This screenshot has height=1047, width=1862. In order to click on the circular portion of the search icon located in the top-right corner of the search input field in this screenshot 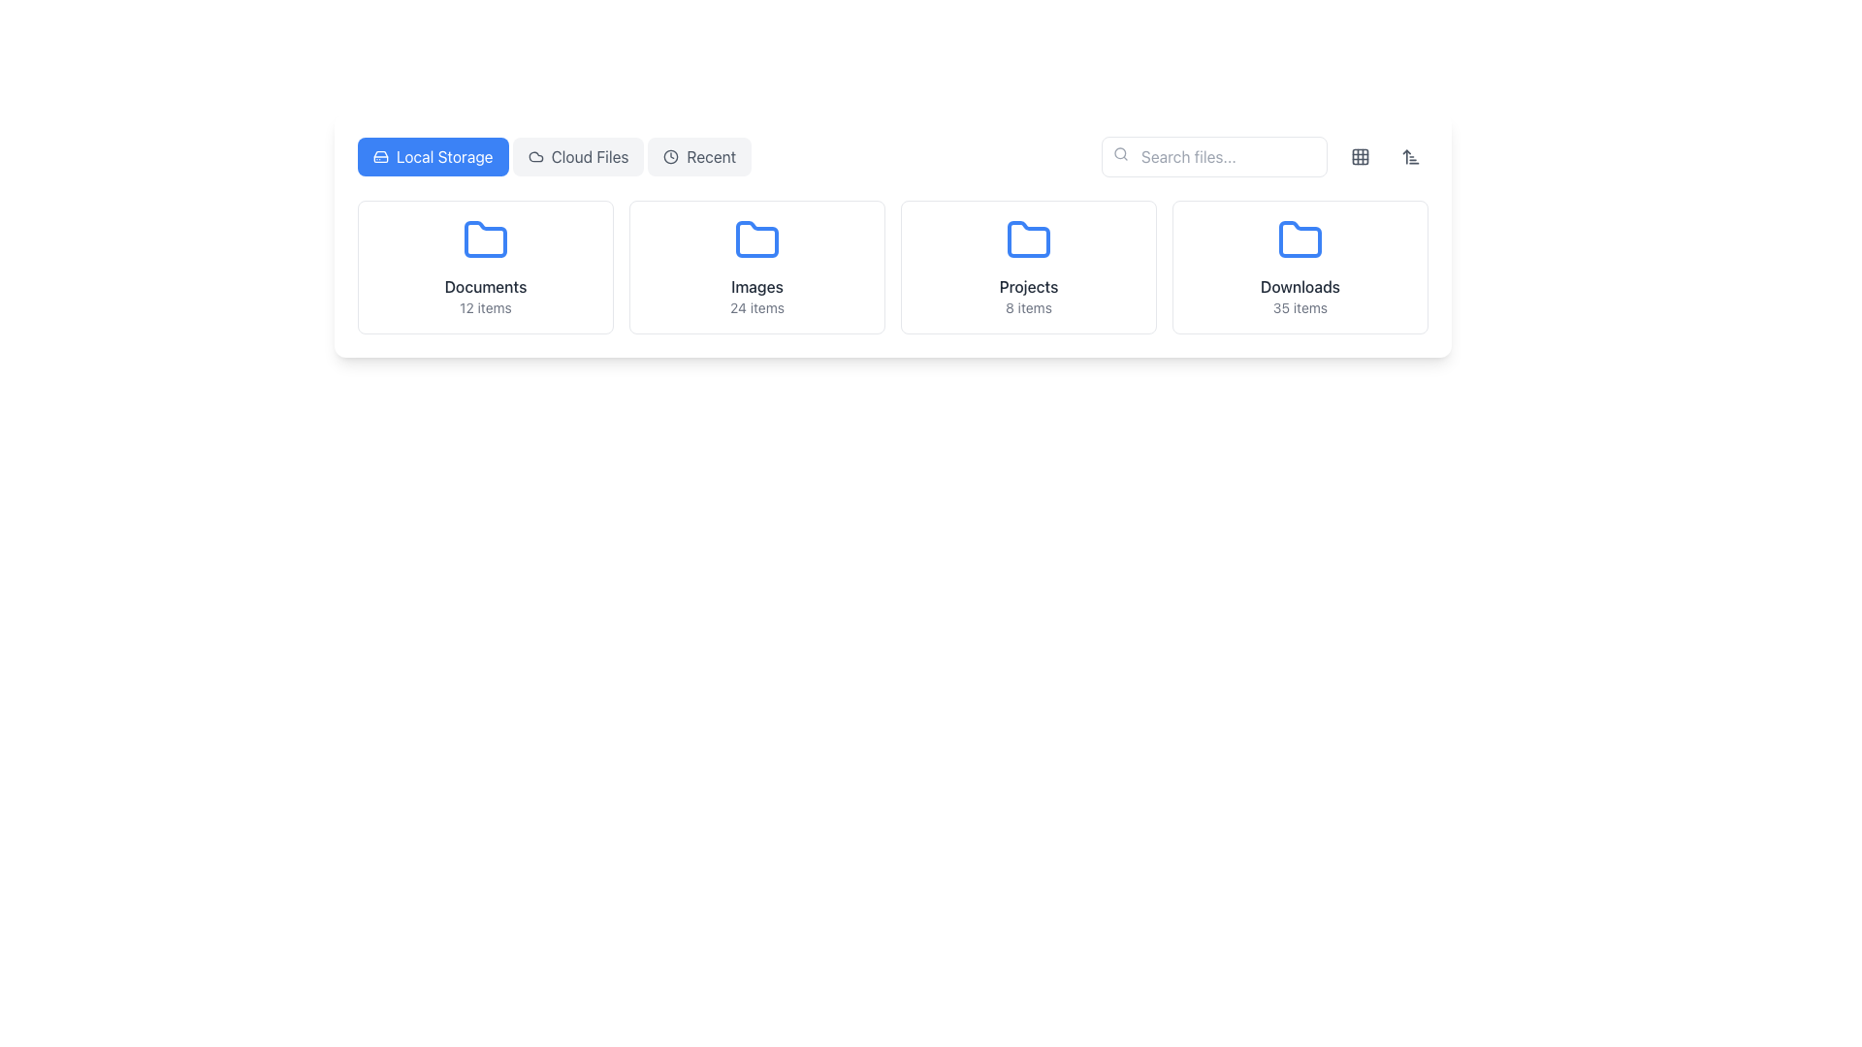, I will do `click(1120, 152)`.